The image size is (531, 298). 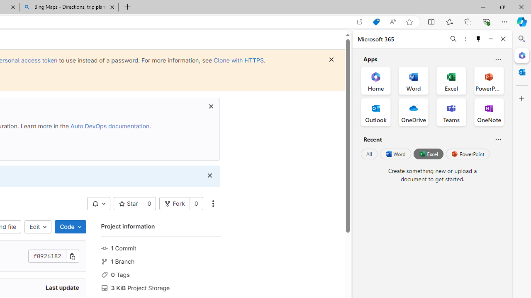 I want to click on 'Clone with HTTPS', so click(x=238, y=60).